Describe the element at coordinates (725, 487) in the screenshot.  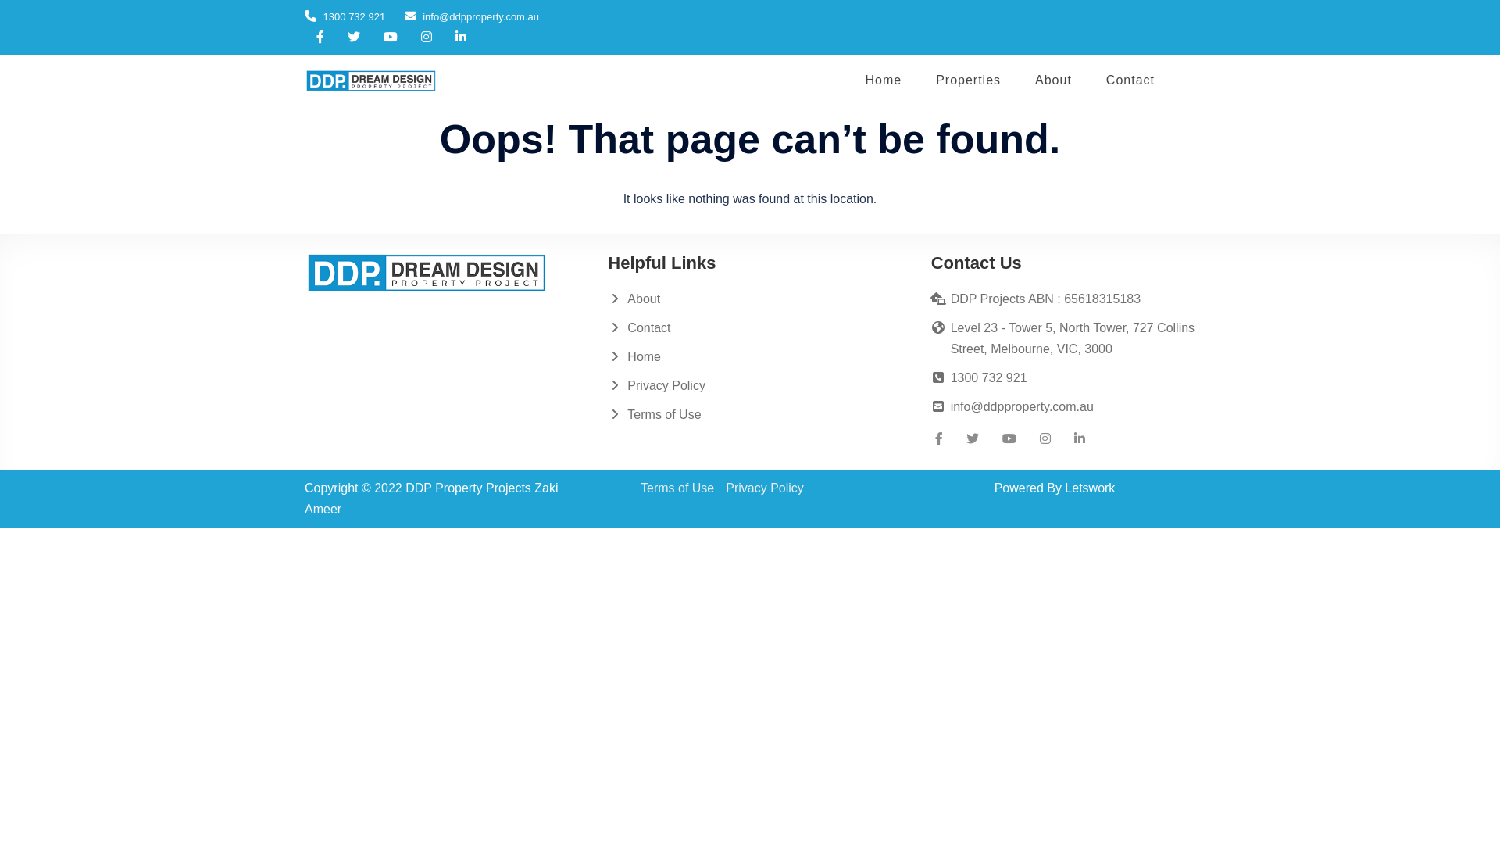
I see `'Privacy Policy'` at that location.